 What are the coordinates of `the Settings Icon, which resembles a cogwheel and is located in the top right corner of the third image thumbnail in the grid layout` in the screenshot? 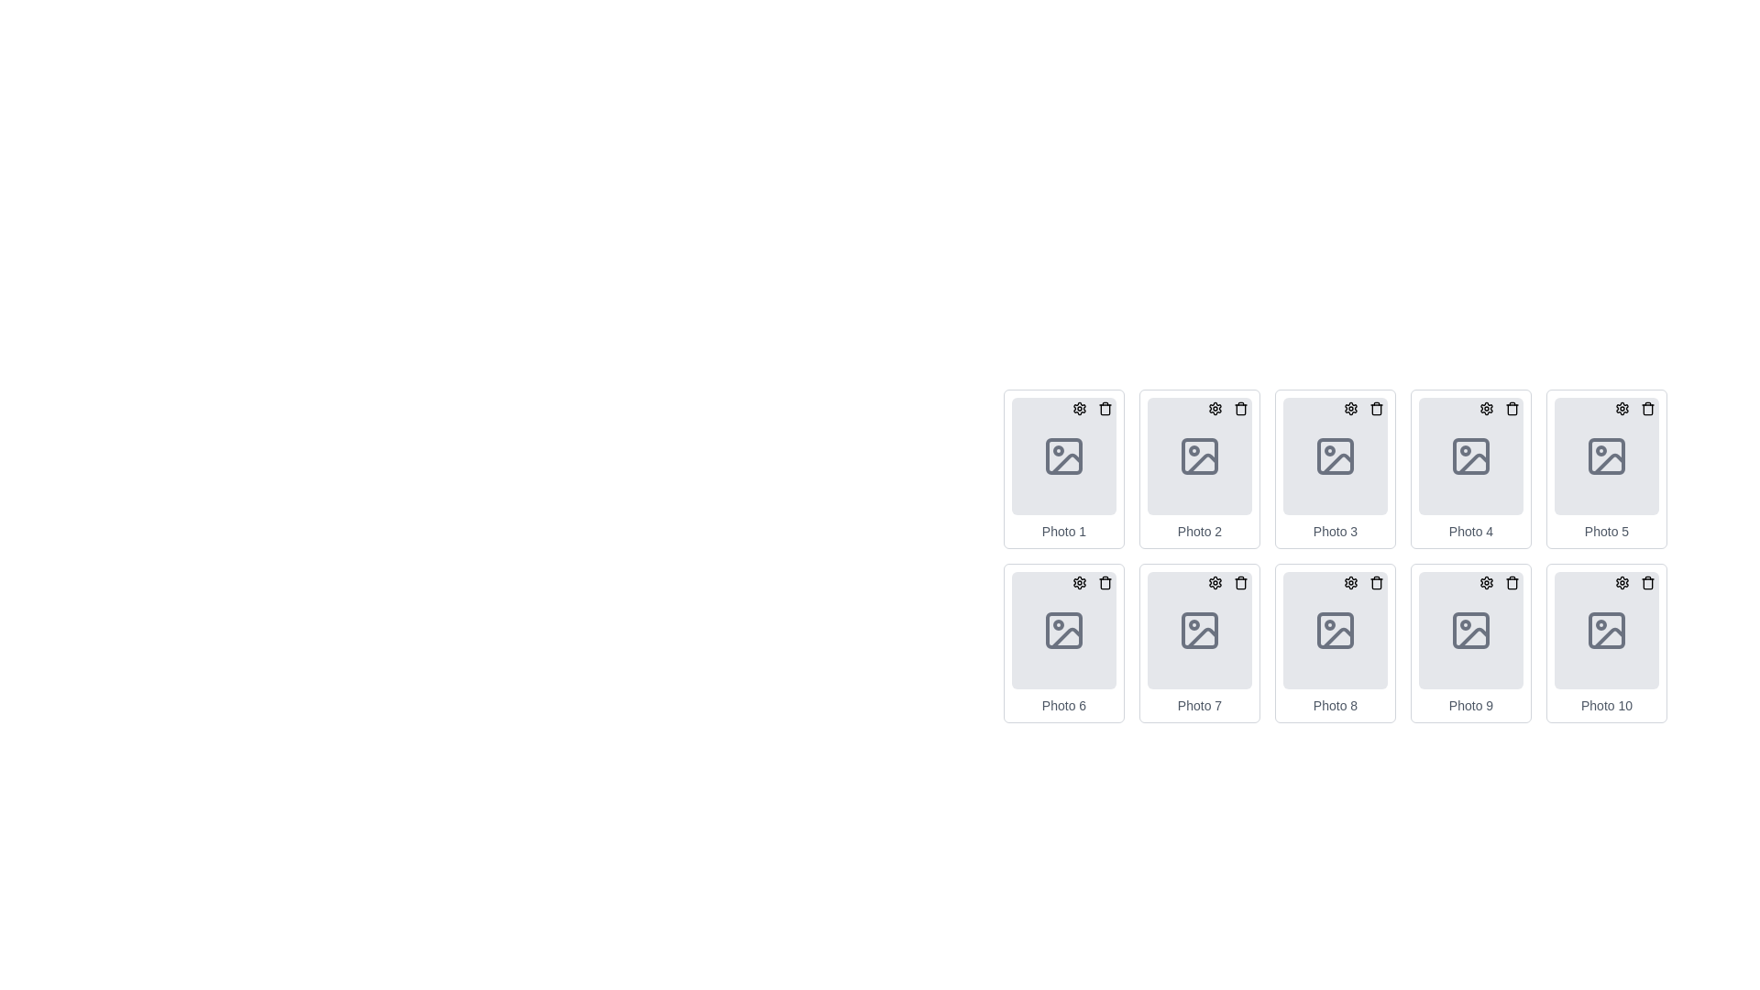 It's located at (1350, 408).